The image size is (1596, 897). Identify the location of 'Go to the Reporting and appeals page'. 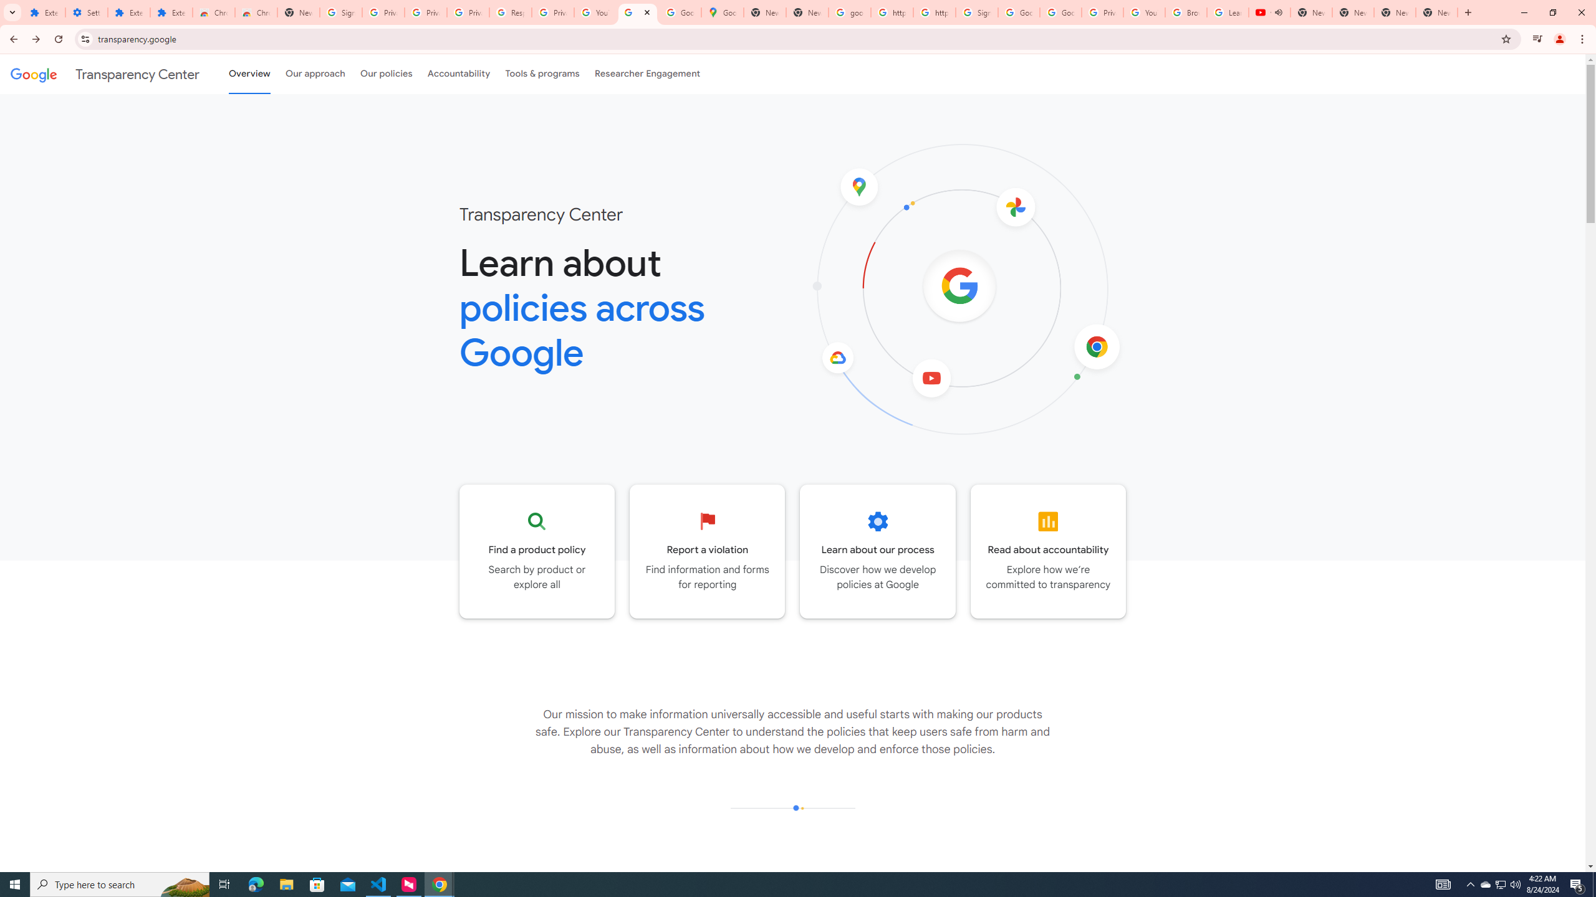
(707, 551).